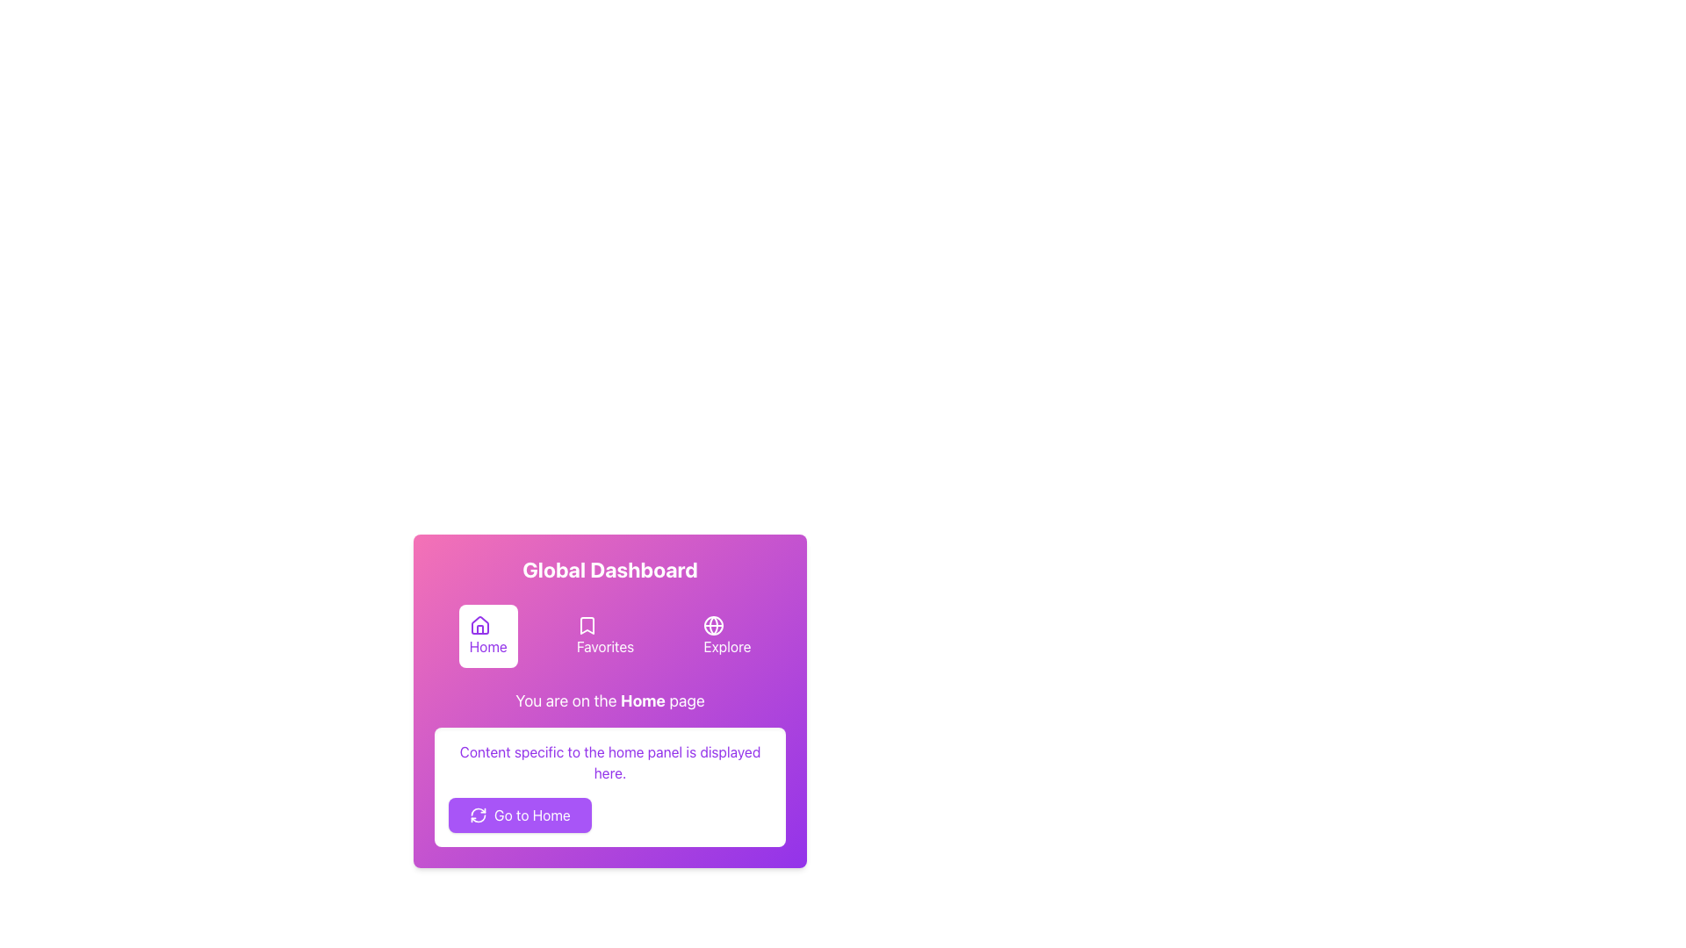  I want to click on the globe icon within the 'Explore' button to trigger the tooltip or highlight effect, so click(714, 625).